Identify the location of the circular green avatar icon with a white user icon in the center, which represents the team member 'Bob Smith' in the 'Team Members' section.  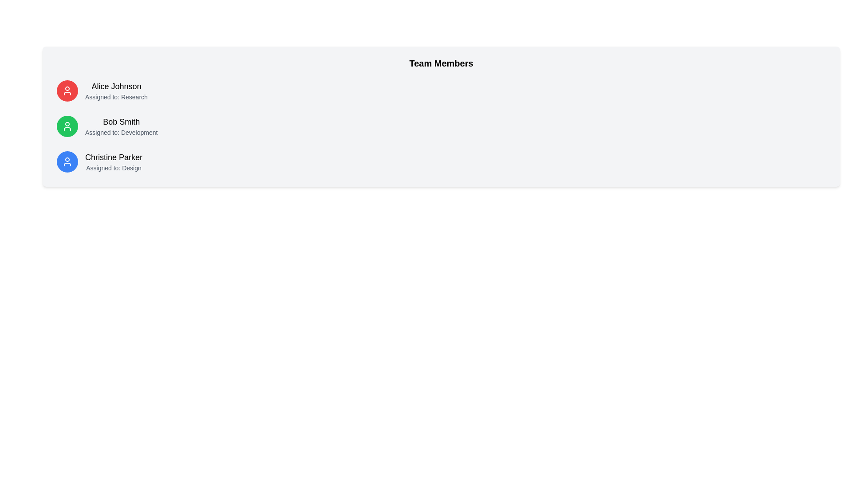
(67, 126).